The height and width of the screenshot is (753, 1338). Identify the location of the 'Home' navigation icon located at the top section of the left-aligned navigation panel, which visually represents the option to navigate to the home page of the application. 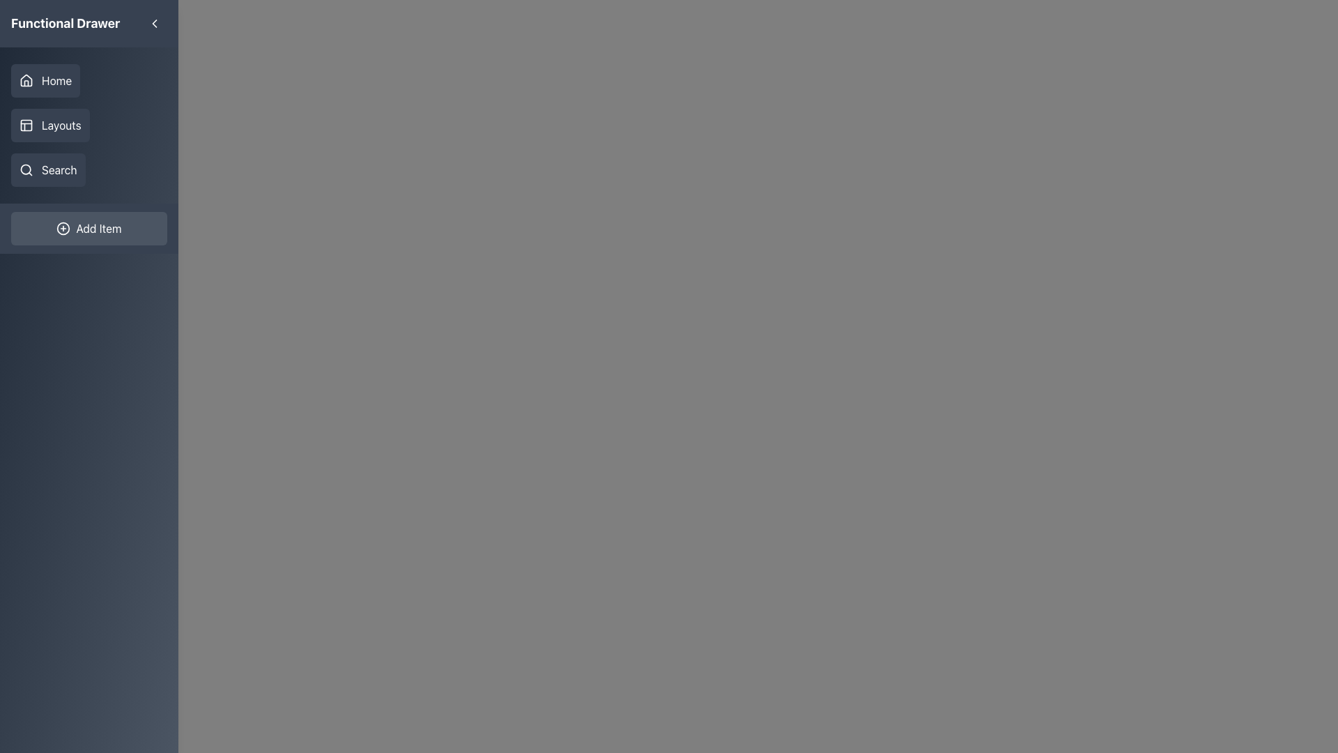
(26, 80).